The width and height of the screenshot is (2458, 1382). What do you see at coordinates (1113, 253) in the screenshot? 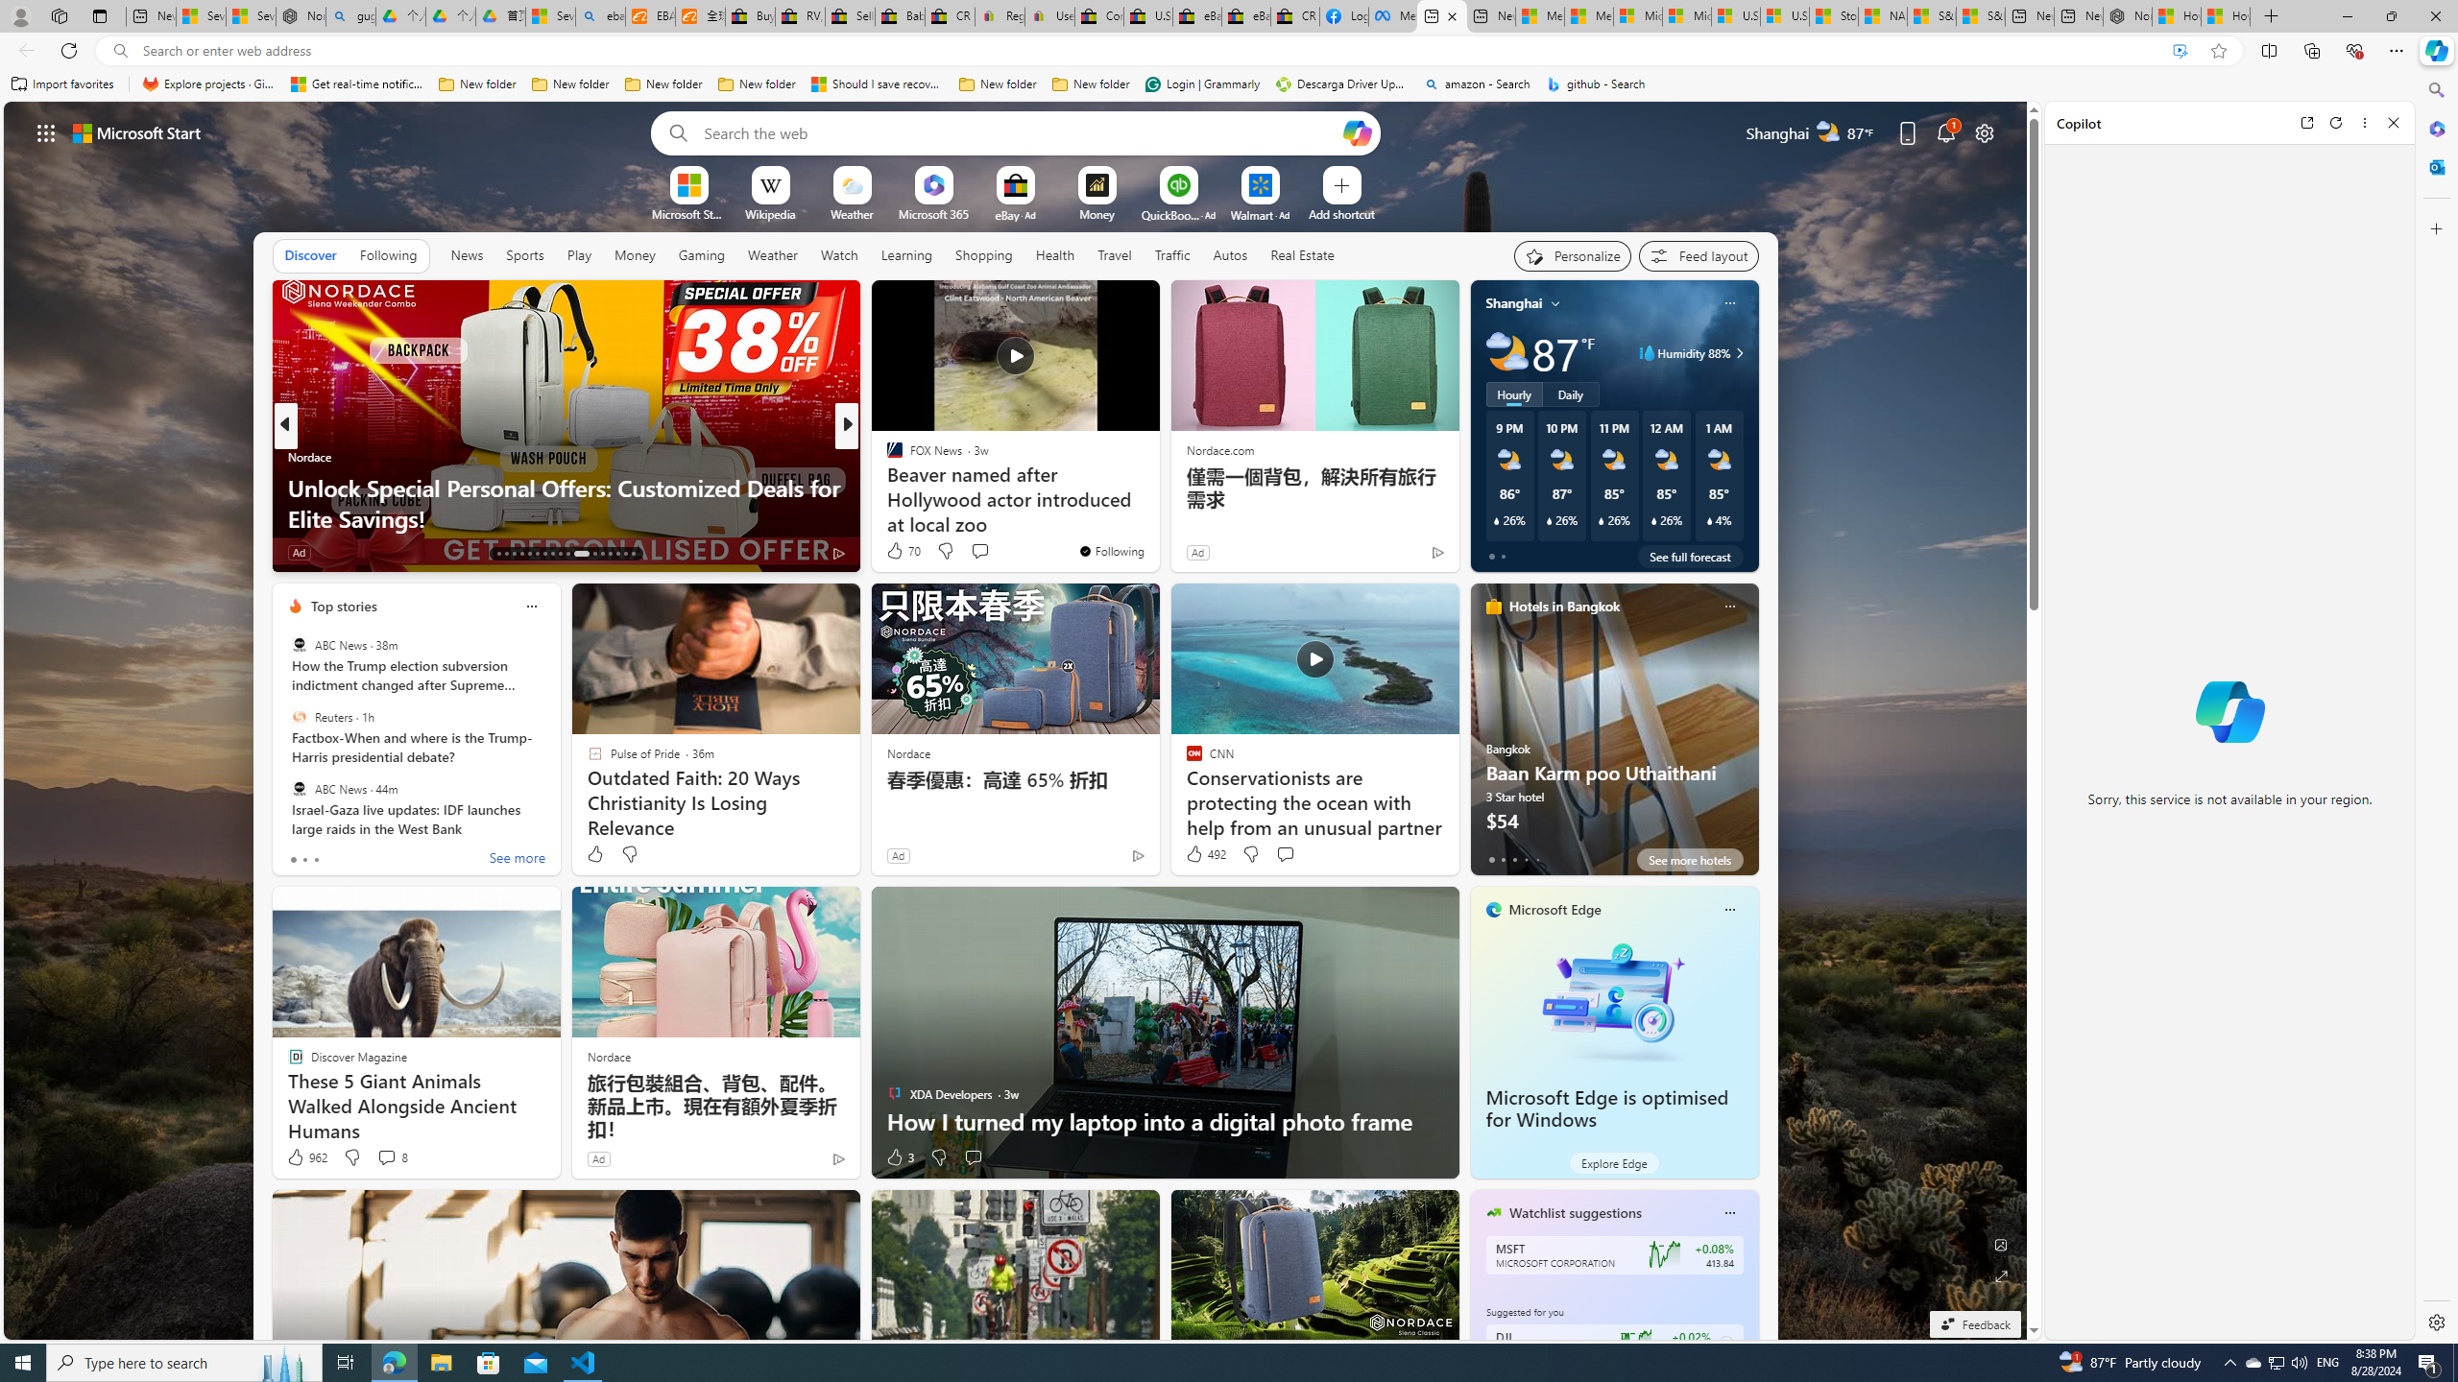
I see `'Travel'` at bounding box center [1113, 253].